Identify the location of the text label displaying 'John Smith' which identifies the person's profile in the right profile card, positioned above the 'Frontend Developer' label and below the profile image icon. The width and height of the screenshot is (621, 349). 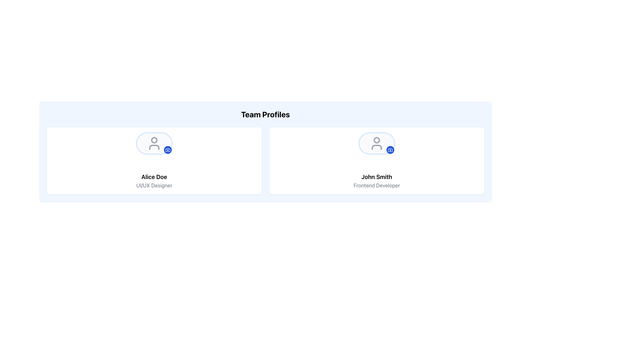
(377, 177).